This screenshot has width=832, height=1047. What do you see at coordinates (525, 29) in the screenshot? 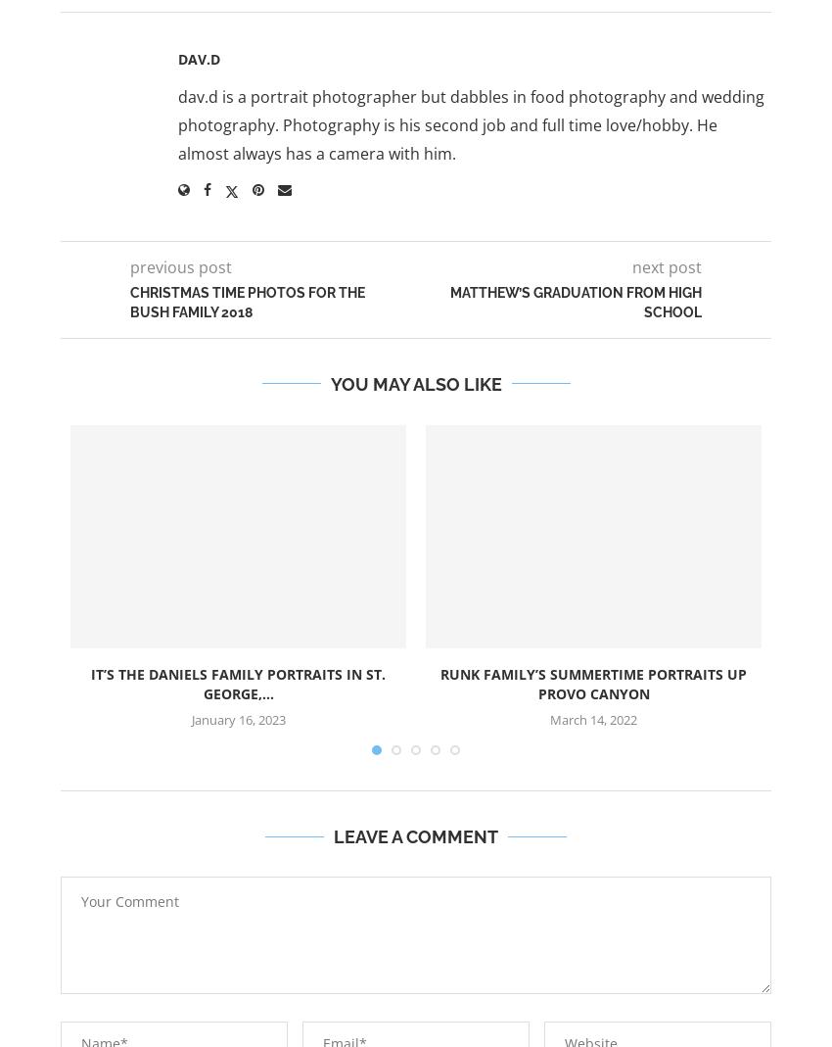
I see `'Tumblr'` at bounding box center [525, 29].